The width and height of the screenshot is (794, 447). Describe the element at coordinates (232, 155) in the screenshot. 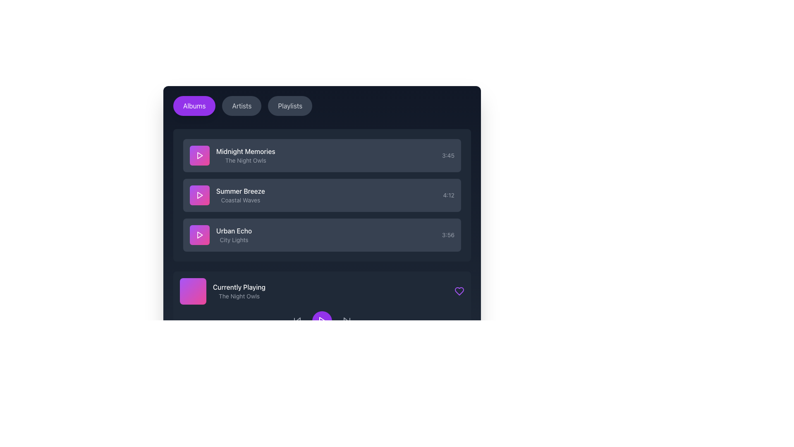

I see `text label displaying 'Midnight Memories' above 'The Night Owls', which is styled with a medium white font and smaller gray font, located in the music item section of the UI` at that location.